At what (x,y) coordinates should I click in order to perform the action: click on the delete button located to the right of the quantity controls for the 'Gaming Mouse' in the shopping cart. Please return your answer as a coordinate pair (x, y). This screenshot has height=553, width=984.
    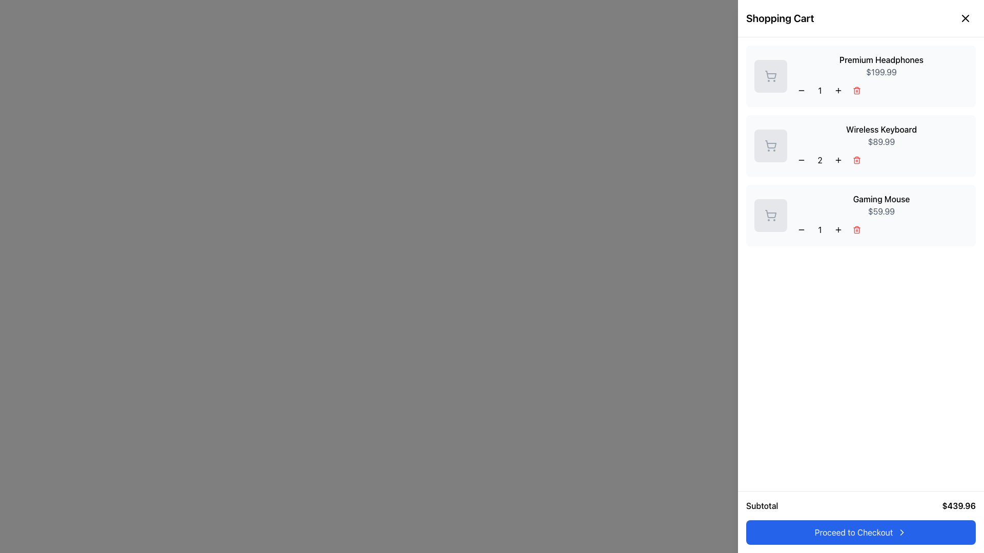
    Looking at the image, I should click on (856, 229).